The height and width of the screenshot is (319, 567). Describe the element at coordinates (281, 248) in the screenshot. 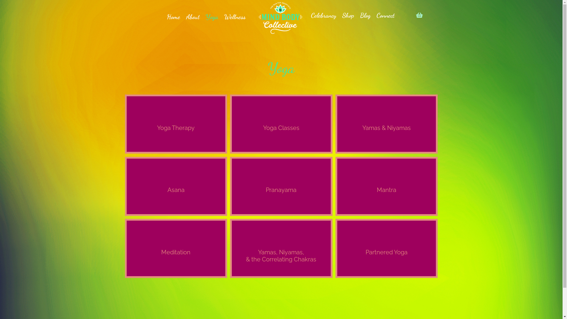

I see `'Yamas, Niyamas,` at that location.